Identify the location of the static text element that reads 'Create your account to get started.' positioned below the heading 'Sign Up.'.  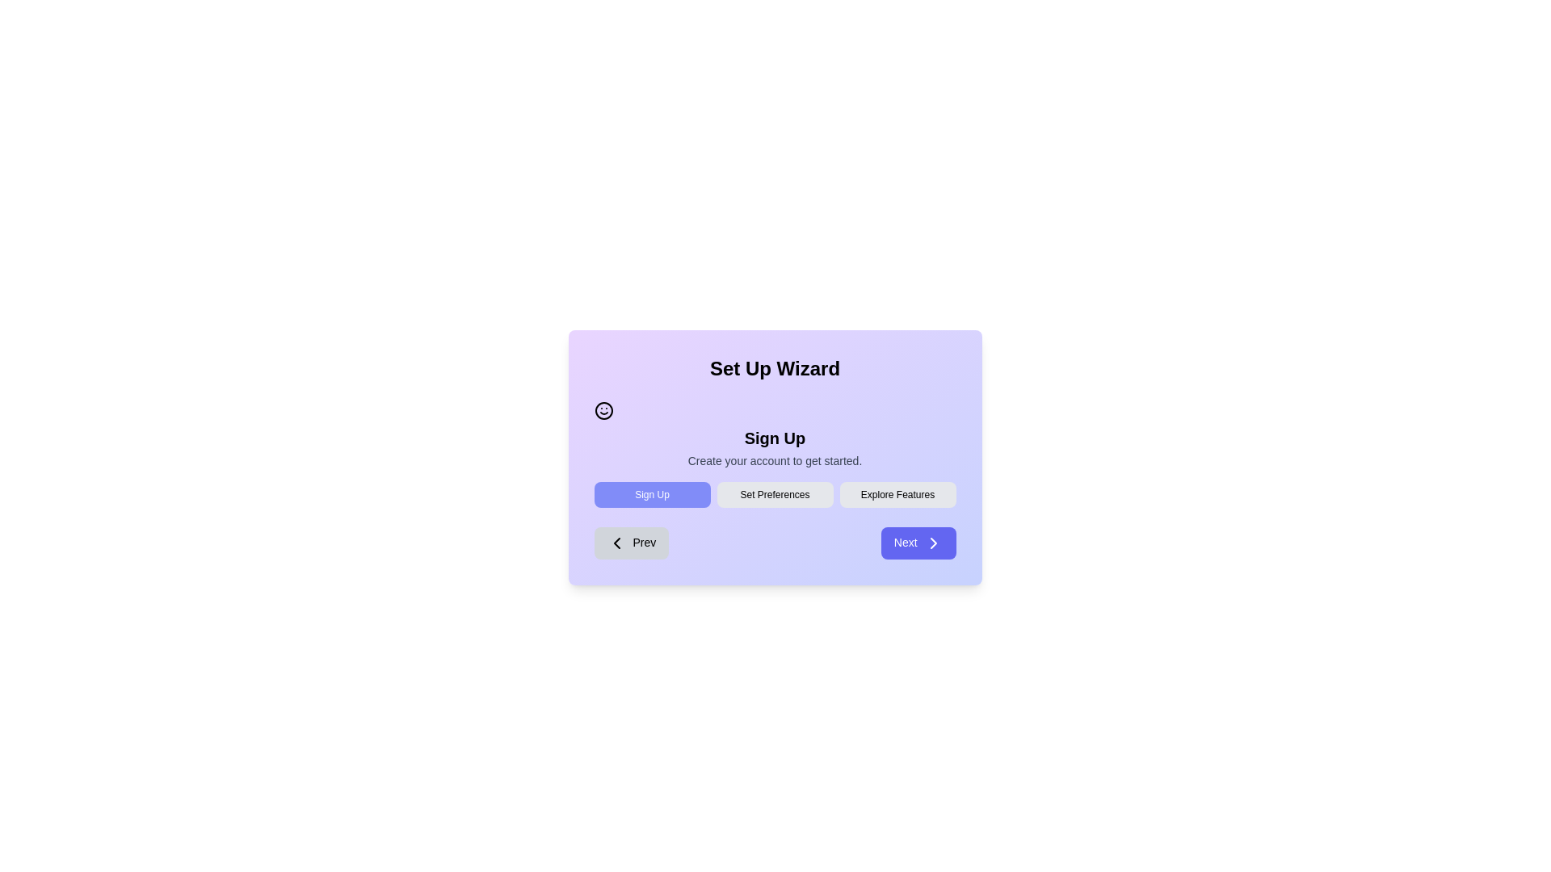
(774, 460).